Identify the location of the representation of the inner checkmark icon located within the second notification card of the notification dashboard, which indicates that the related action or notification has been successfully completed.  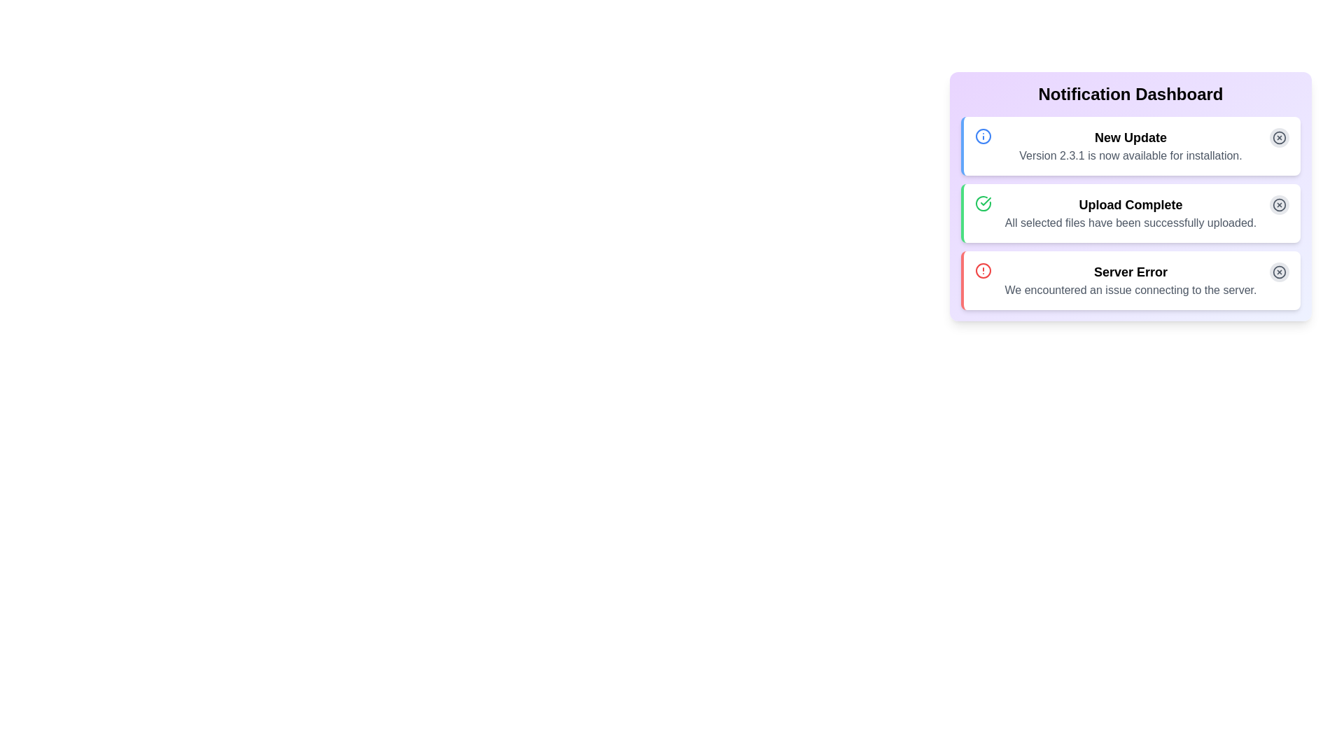
(985, 202).